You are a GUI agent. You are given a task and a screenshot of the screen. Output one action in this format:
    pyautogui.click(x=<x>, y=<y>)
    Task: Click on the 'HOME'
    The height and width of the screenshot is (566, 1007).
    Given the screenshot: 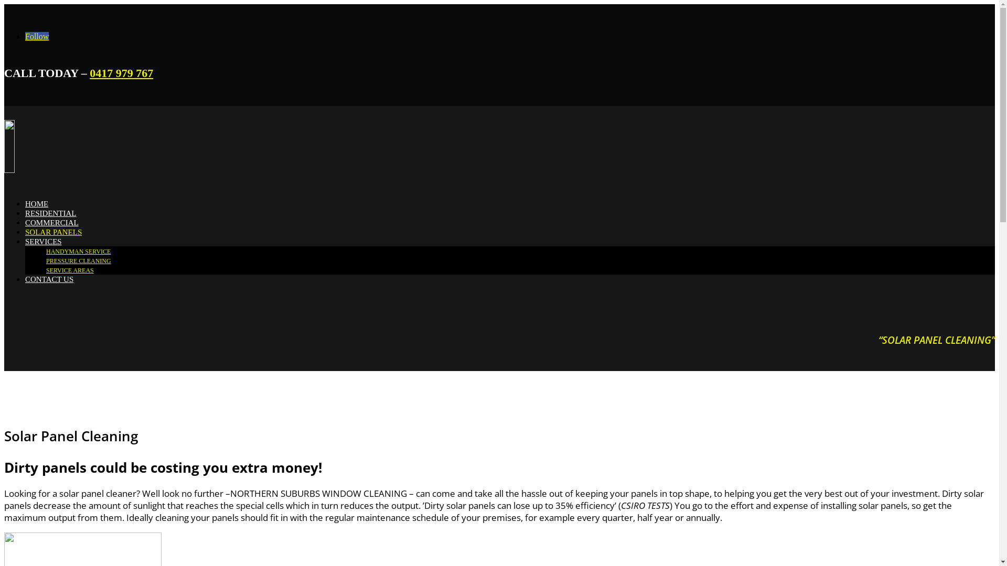 What is the action you would take?
    pyautogui.click(x=37, y=204)
    